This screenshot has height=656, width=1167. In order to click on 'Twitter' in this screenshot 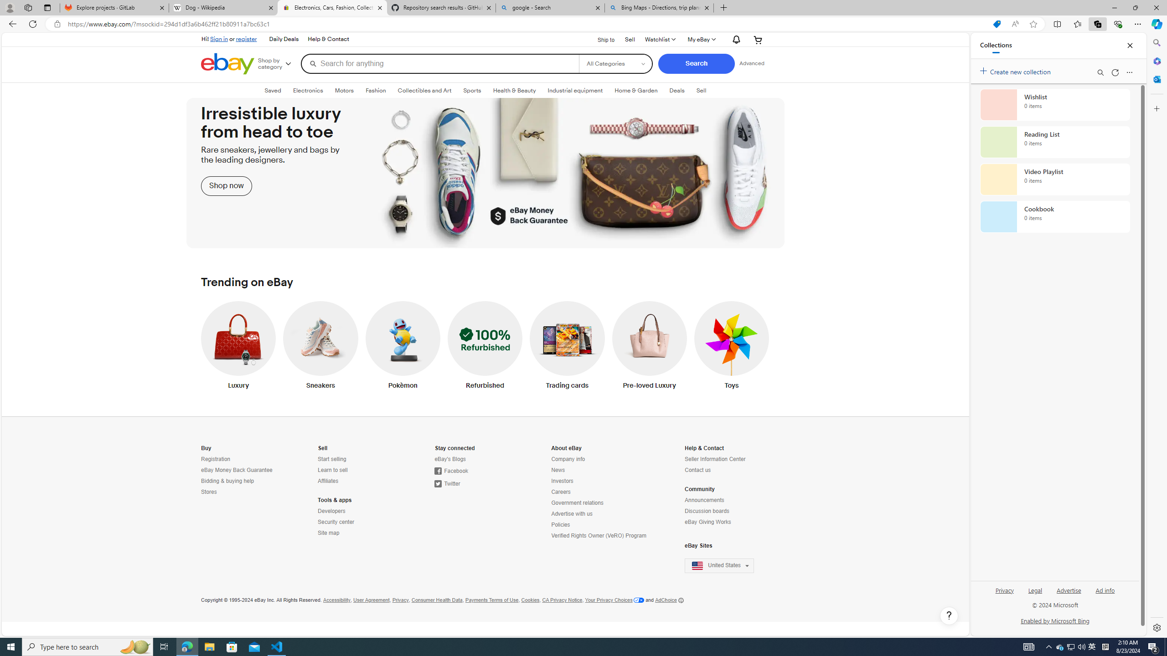, I will do `click(474, 483)`.